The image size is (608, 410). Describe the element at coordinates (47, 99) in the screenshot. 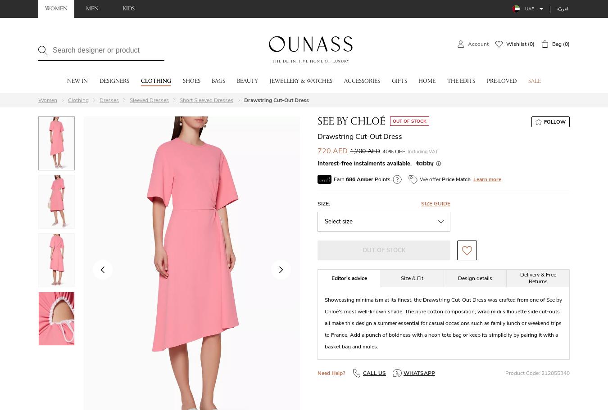

I see `'Women'` at that location.